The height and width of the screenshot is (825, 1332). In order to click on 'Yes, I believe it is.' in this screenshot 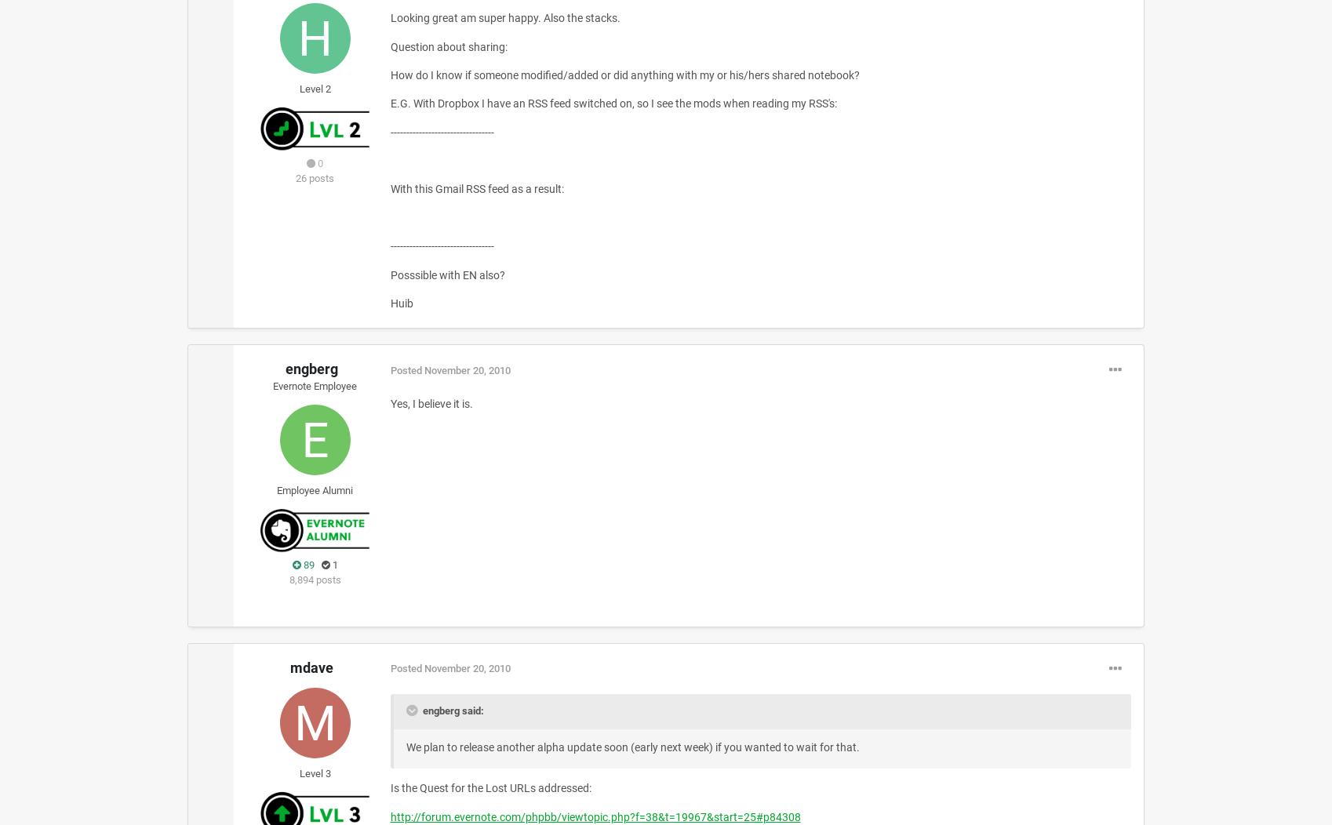, I will do `click(431, 402)`.